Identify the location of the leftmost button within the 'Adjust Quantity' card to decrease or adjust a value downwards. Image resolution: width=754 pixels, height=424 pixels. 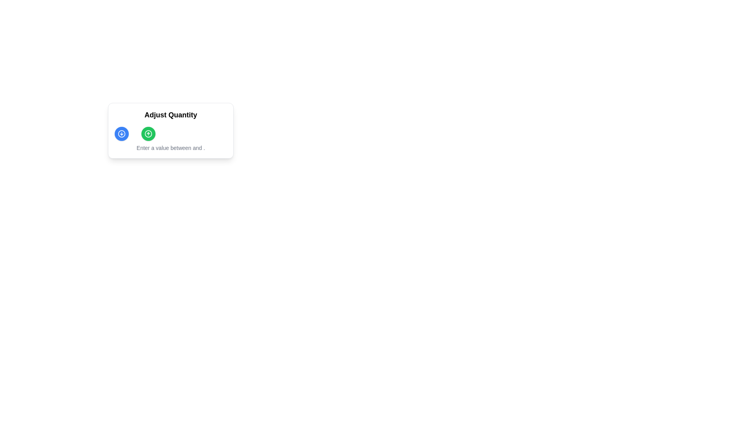
(121, 133).